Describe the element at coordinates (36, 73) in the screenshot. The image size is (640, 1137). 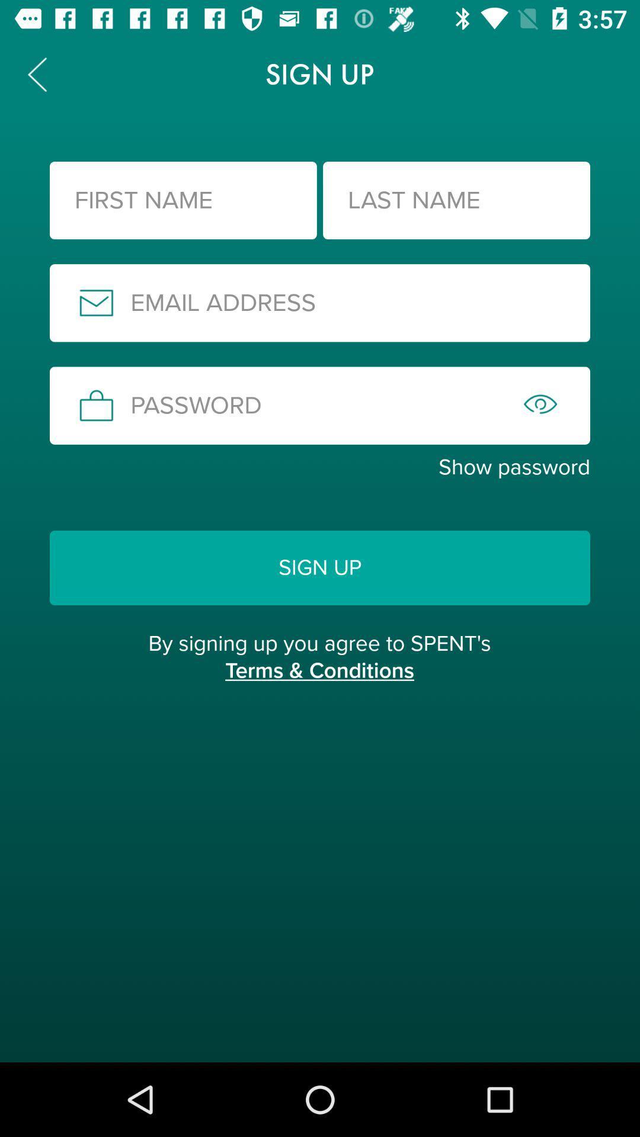
I see `go back` at that location.